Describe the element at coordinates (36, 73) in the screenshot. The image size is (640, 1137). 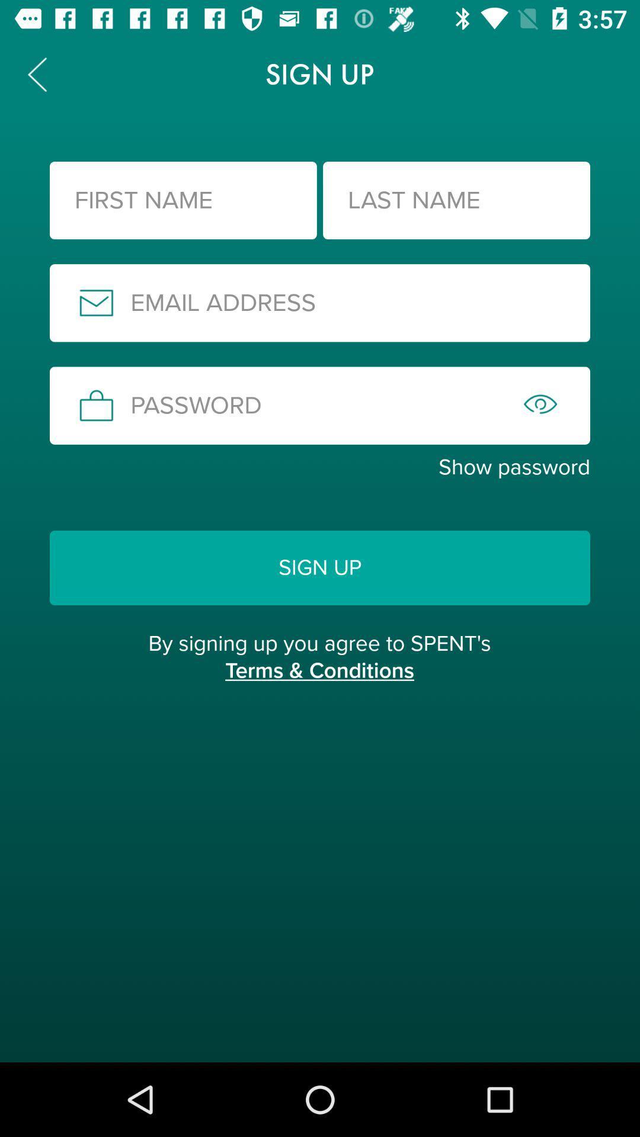
I see `go back` at that location.